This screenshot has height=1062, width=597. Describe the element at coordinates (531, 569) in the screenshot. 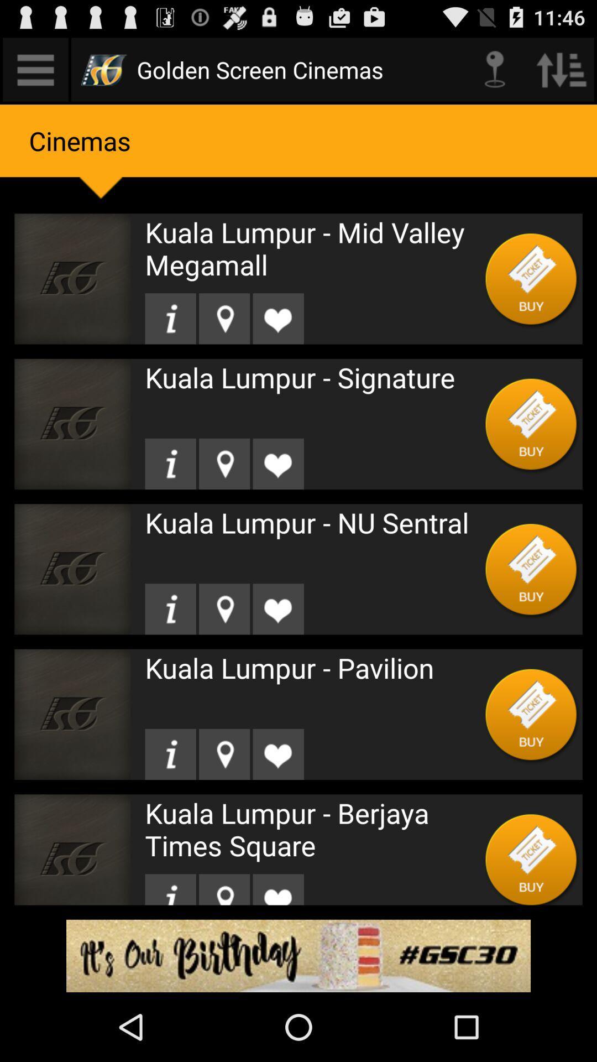

I see `buy ticket` at that location.